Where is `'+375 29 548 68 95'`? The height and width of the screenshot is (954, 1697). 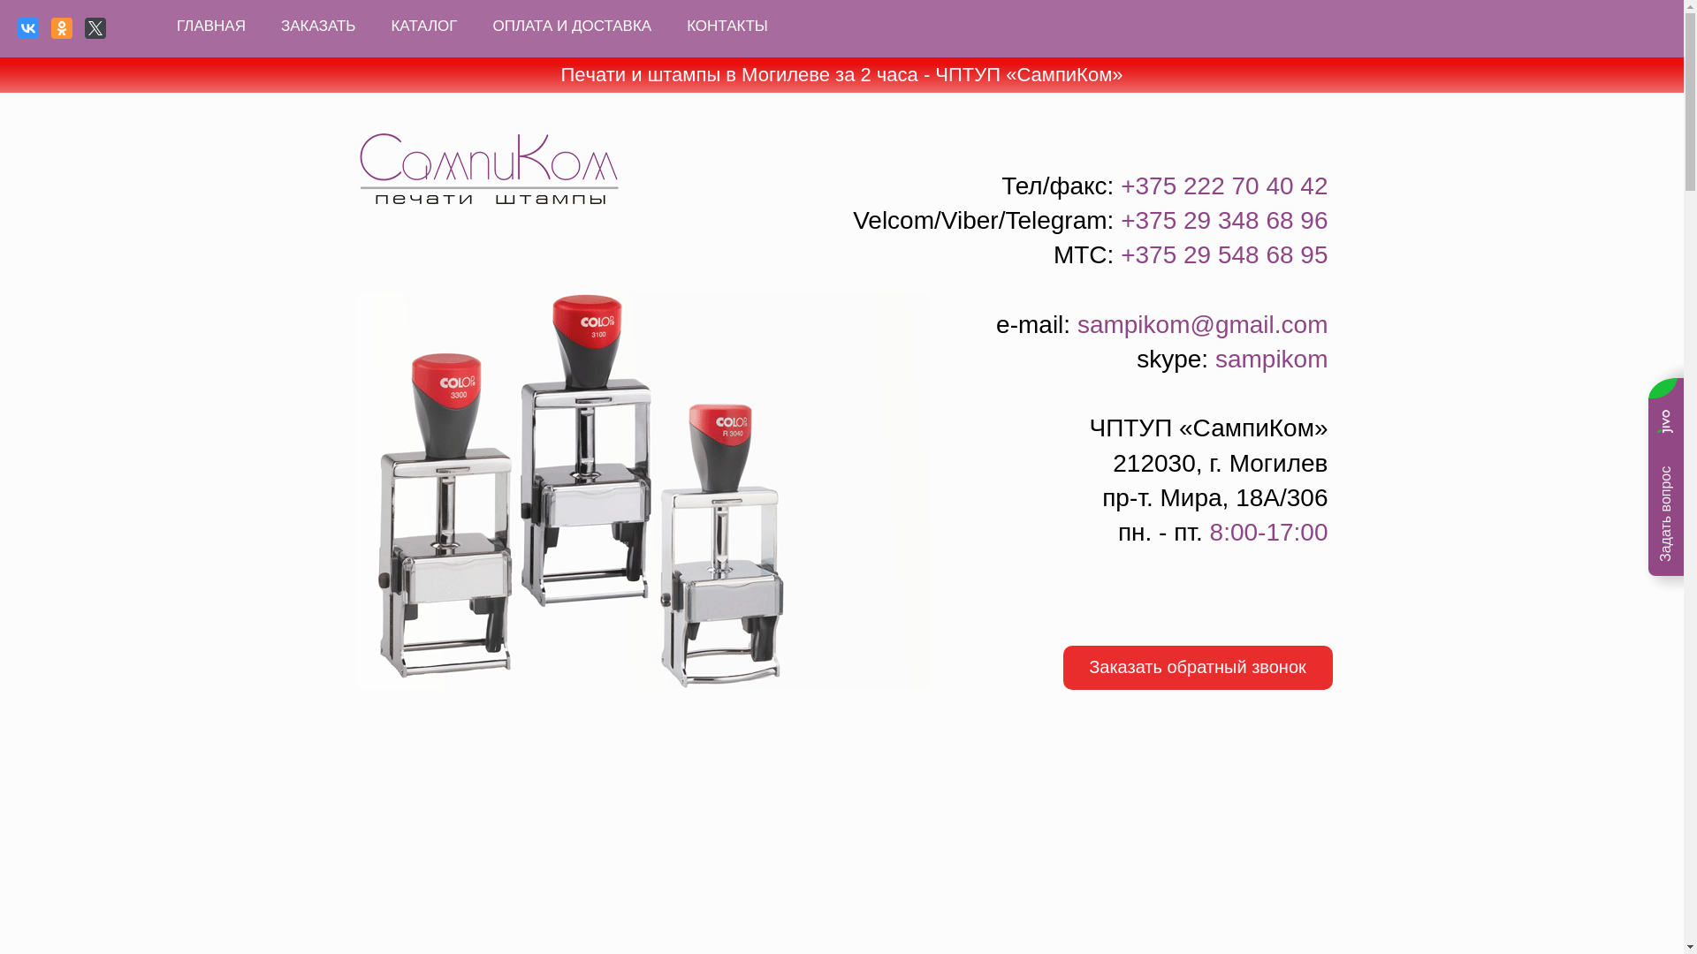
'+375 29 548 68 95' is located at coordinates (1223, 254).